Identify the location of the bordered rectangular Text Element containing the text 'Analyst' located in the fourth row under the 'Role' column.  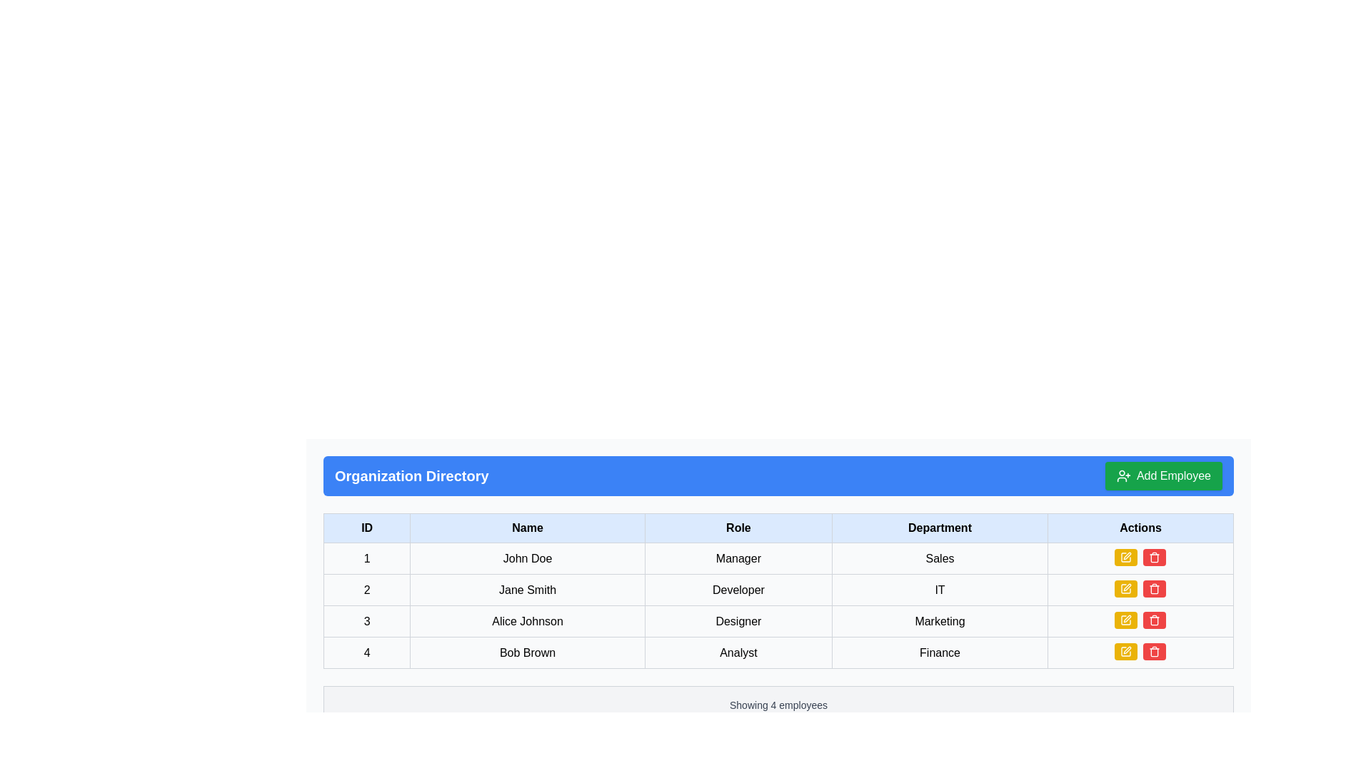
(738, 652).